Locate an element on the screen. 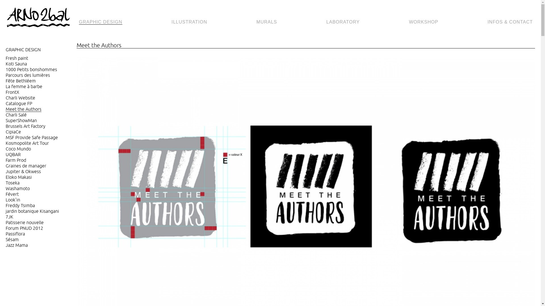  'LABORATORY' is located at coordinates (343, 22).